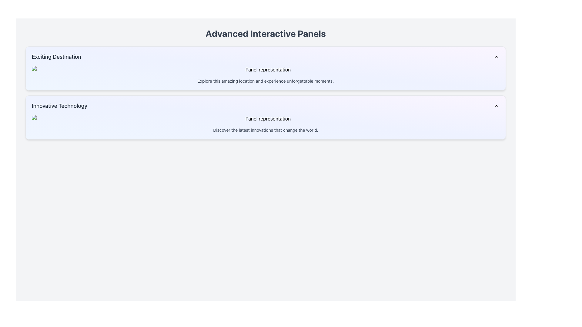  What do you see at coordinates (266, 130) in the screenshot?
I see `the text label displaying 'Discover the latest innovations that change the world.' located beneath the 'Panel representation' label in the 'Innovative Technology' section` at bounding box center [266, 130].